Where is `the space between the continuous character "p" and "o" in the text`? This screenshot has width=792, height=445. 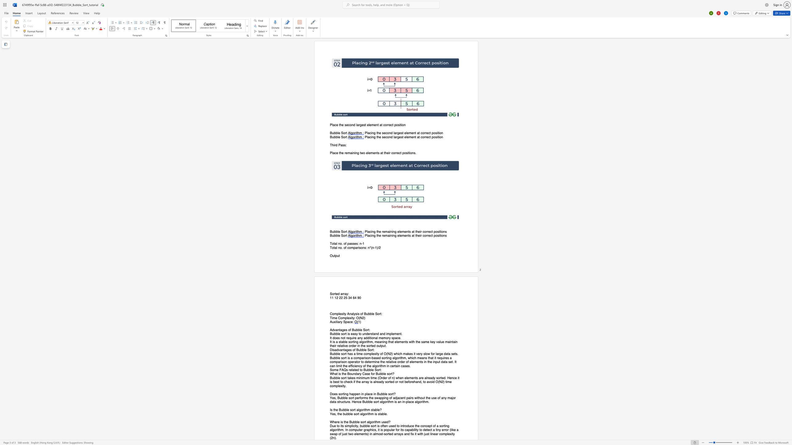
the space between the continuous character "p" and "o" in the text is located at coordinates (385, 430).